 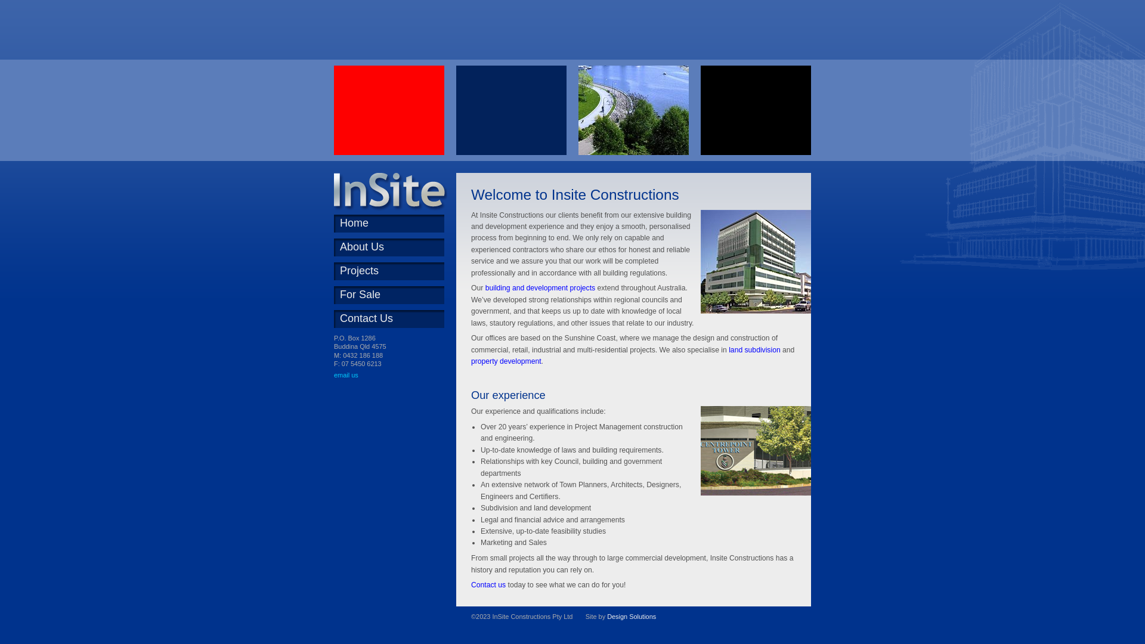 I want to click on 'Contact us', so click(x=488, y=584).